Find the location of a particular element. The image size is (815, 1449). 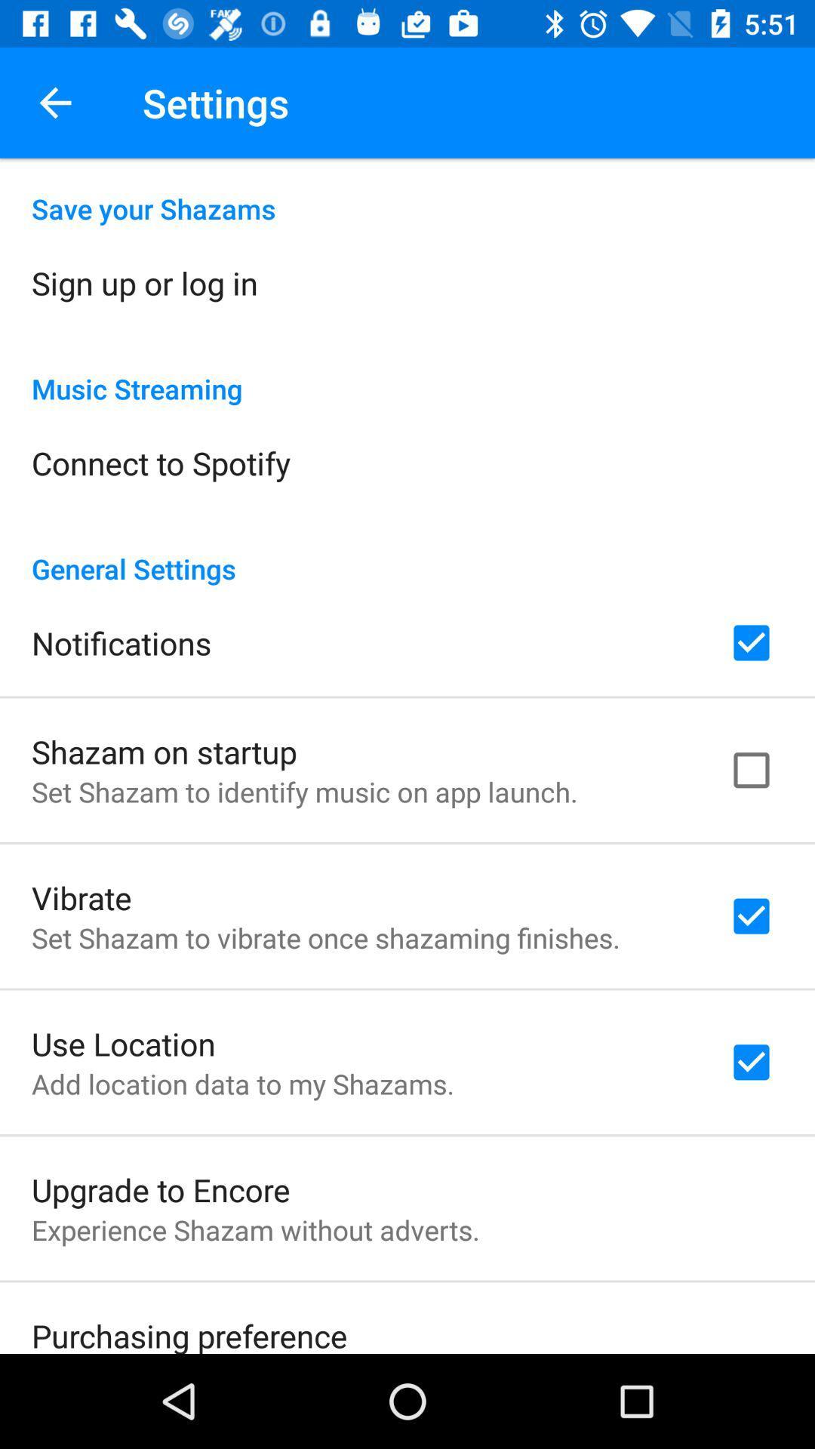

item above add location data is located at coordinates (122, 1042).